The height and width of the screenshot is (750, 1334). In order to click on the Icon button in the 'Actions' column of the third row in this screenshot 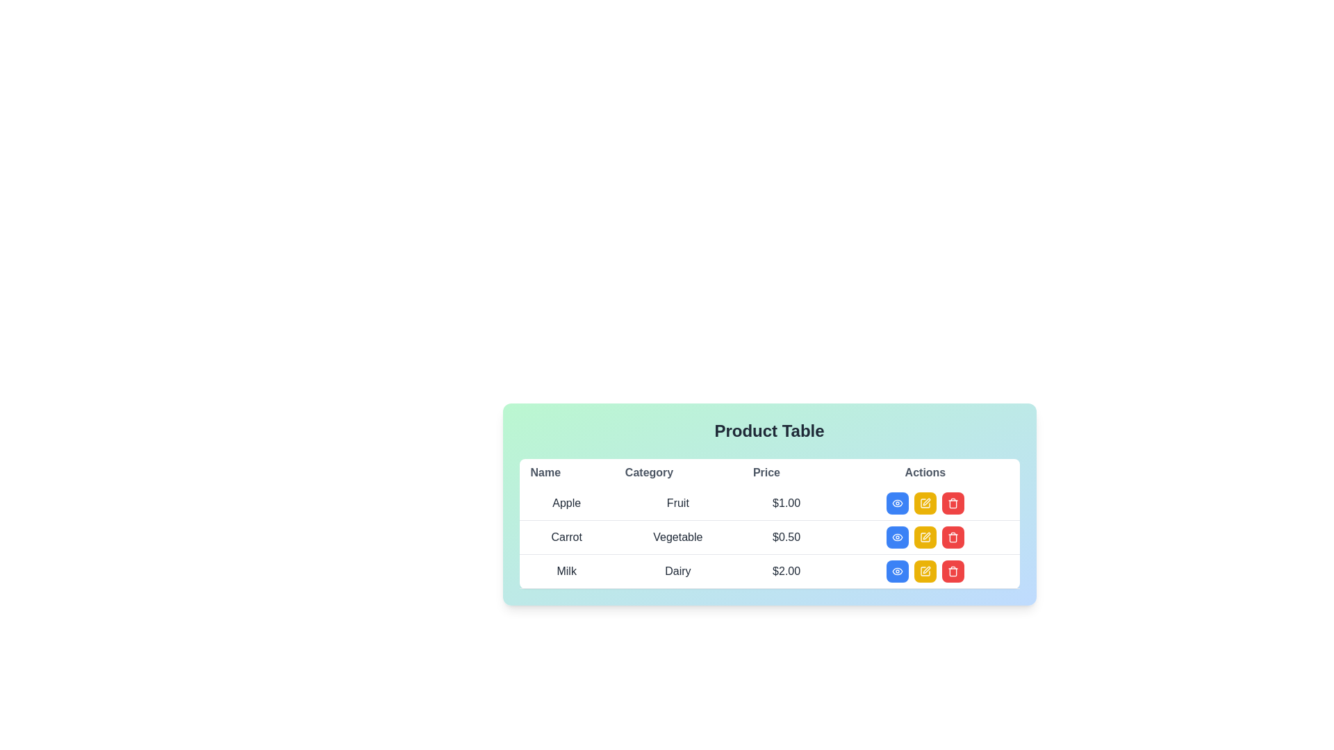, I will do `click(952, 537)`.